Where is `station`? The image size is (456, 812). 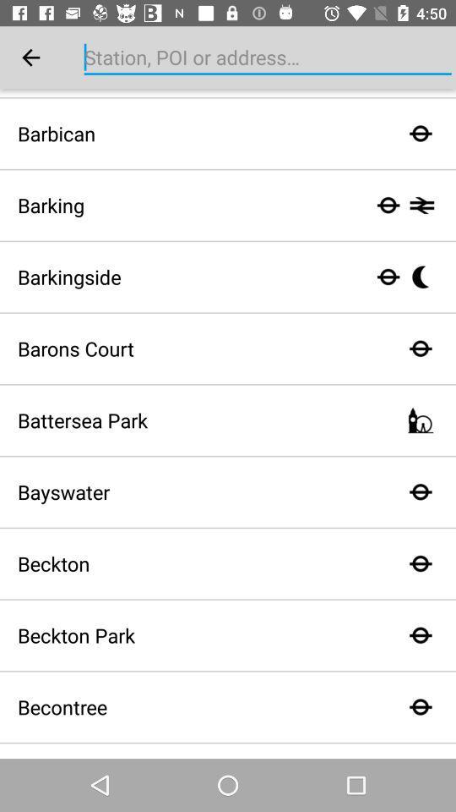 station is located at coordinates (268, 58).